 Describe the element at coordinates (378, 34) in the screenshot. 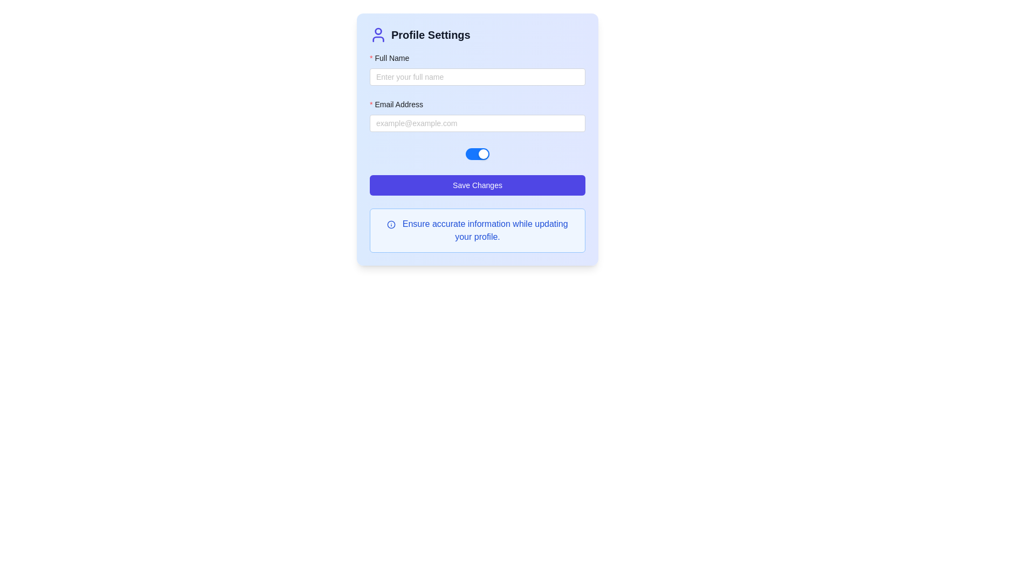

I see `the blue person icon in the 'Profile Settings' section, which is located to the left of the title text` at that location.